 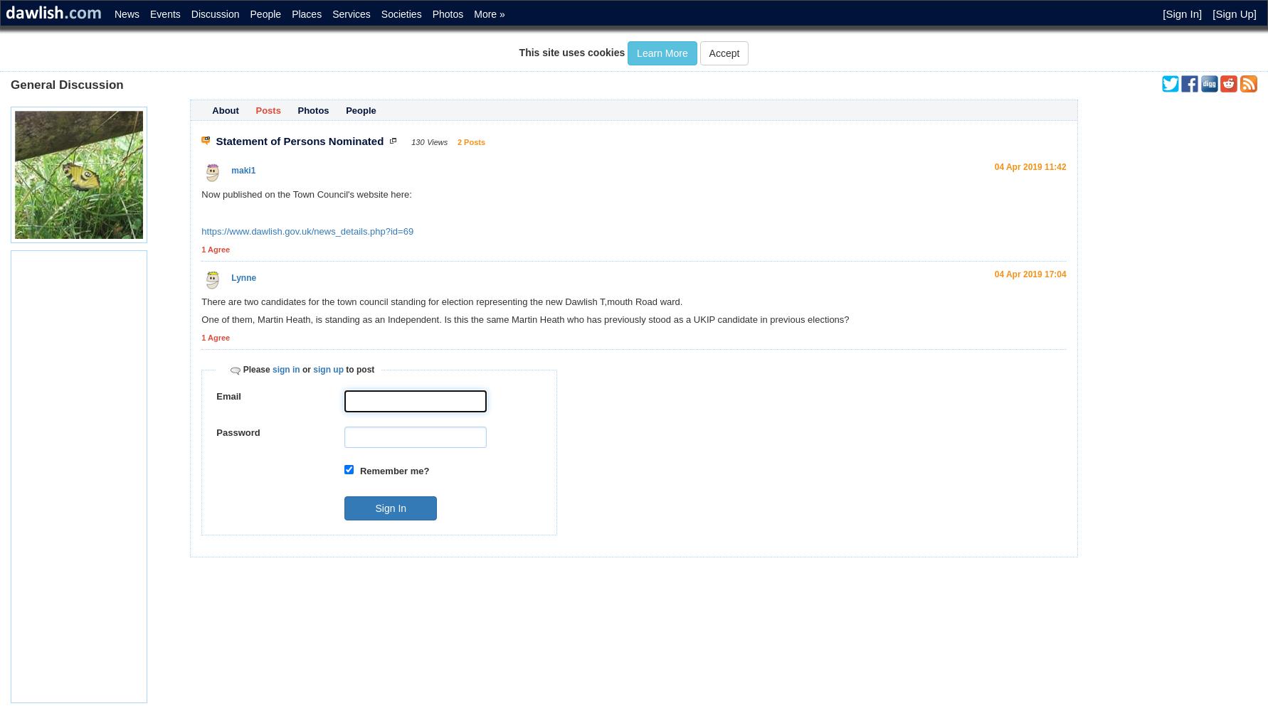 I want to click on 'Password', so click(x=237, y=431).